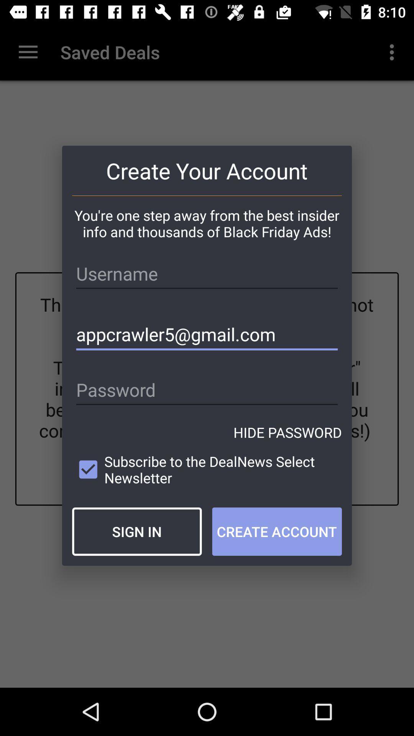  What do you see at coordinates (207, 469) in the screenshot?
I see `item above the sign in` at bounding box center [207, 469].